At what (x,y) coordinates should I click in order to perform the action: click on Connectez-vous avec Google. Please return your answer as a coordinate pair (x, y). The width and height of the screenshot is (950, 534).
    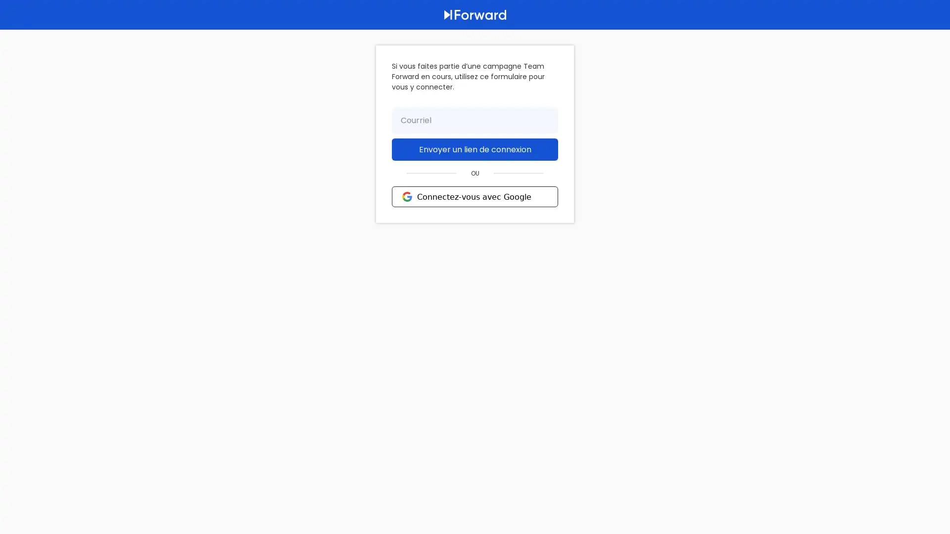
    Looking at the image, I should click on (475, 196).